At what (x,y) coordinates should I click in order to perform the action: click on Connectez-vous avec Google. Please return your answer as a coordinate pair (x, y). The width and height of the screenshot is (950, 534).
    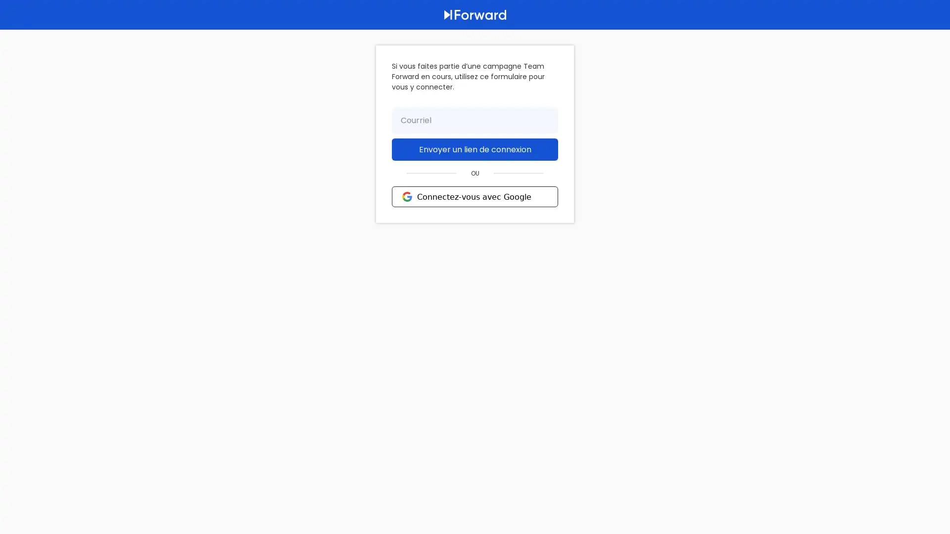
    Looking at the image, I should click on (475, 196).